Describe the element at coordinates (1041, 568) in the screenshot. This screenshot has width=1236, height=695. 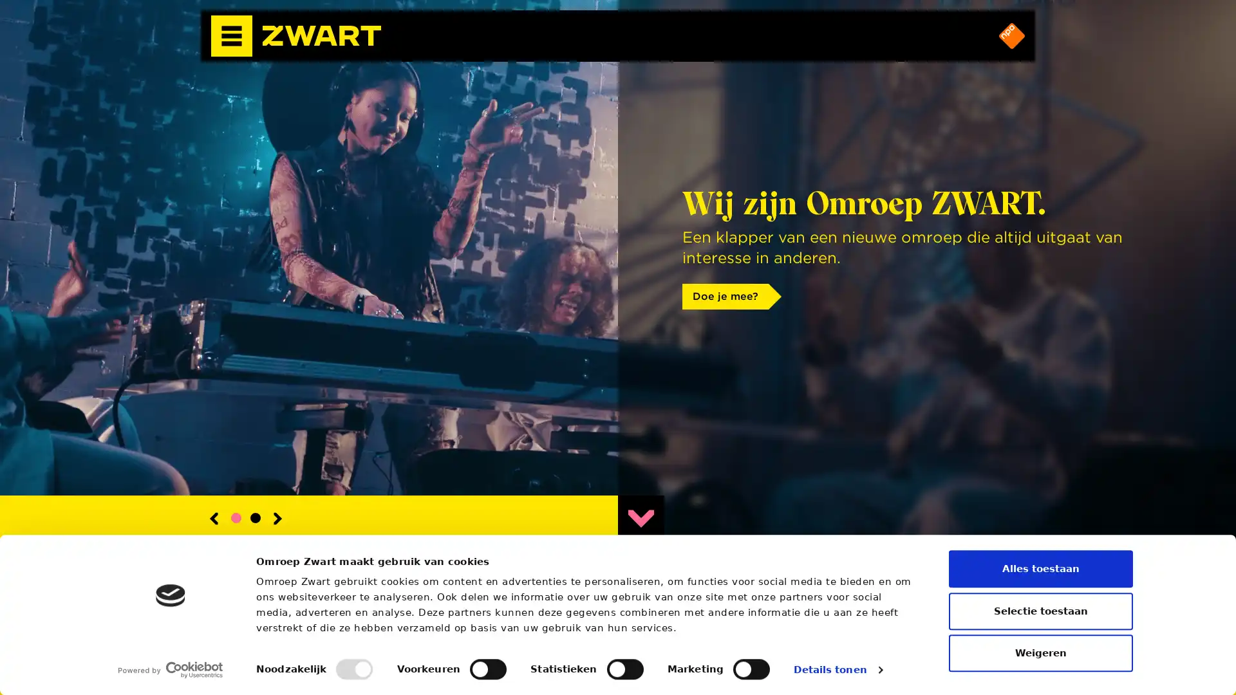
I see `Alles toestaan` at that location.